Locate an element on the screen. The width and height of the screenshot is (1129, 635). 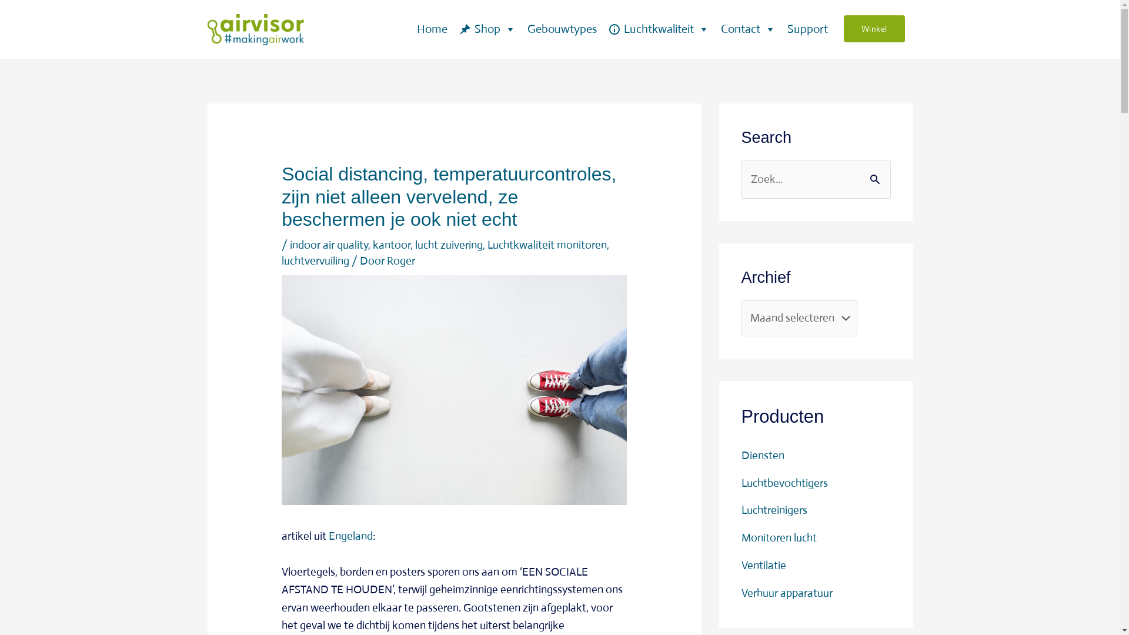
'Luchtreinigers' is located at coordinates (773, 509).